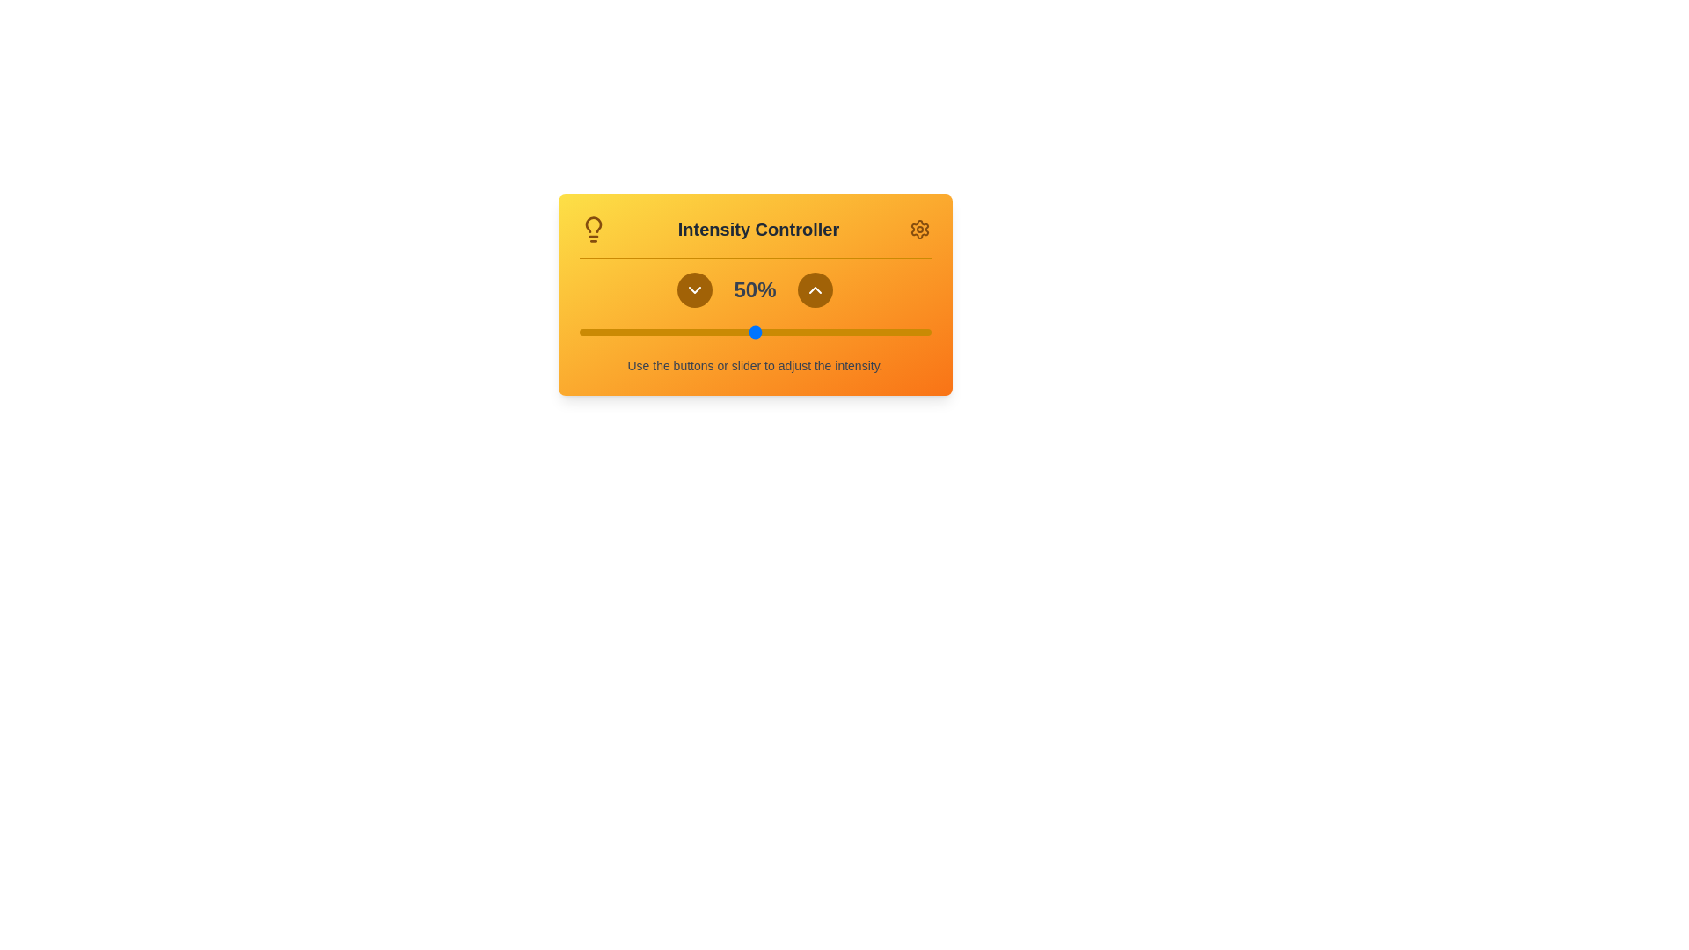  I want to click on intensity, so click(867, 332).